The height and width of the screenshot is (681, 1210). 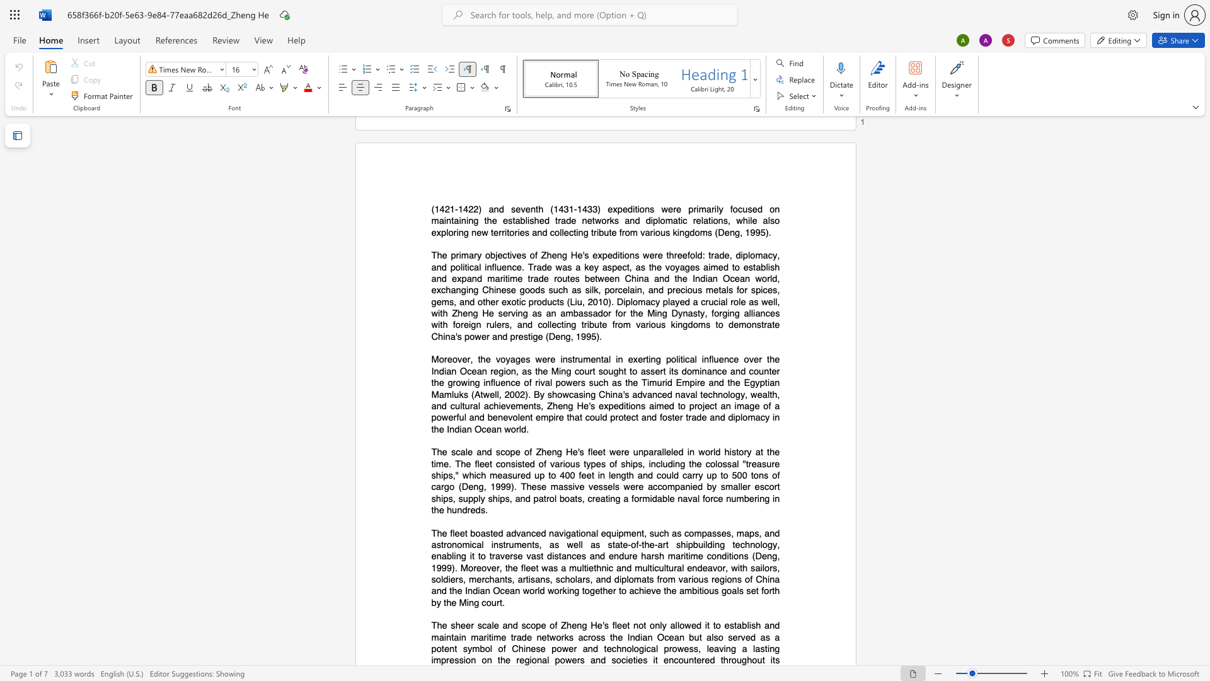 What do you see at coordinates (668, 660) in the screenshot?
I see `the subset text "ncounter" within the text "encountered"` at bounding box center [668, 660].